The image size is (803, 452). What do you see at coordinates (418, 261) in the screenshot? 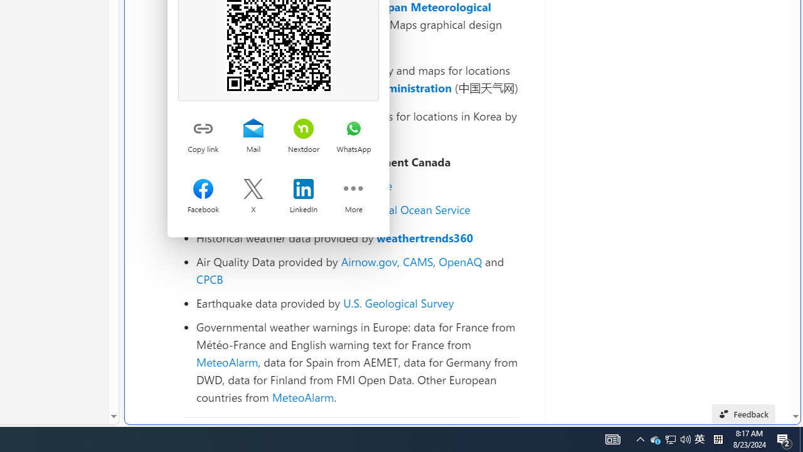
I see `'CAMS'` at bounding box center [418, 261].